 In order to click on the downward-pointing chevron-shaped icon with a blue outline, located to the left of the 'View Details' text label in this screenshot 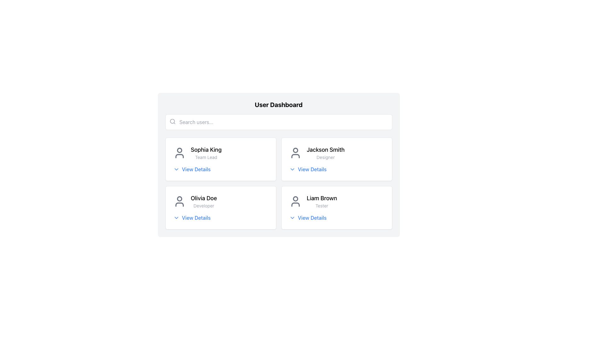, I will do `click(176, 169)`.